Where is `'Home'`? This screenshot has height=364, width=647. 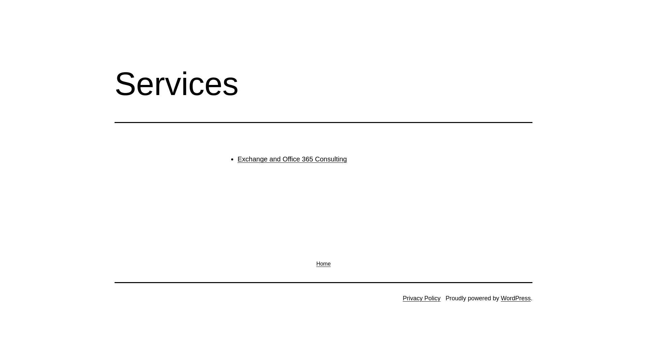 'Home' is located at coordinates (323, 263).